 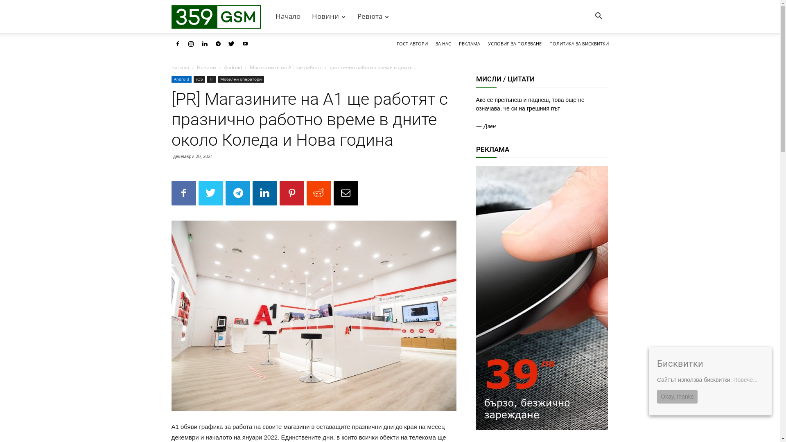 I want to click on 'Youtube', so click(x=245, y=44).